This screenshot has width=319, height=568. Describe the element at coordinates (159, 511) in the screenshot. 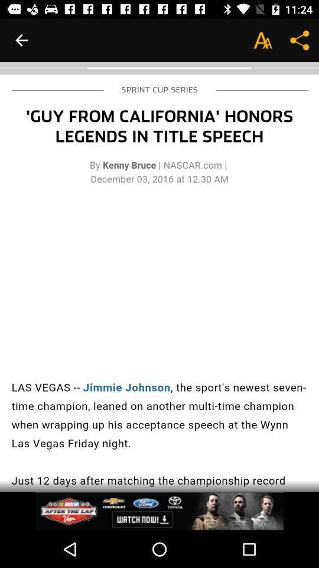

I see `advertisement` at that location.